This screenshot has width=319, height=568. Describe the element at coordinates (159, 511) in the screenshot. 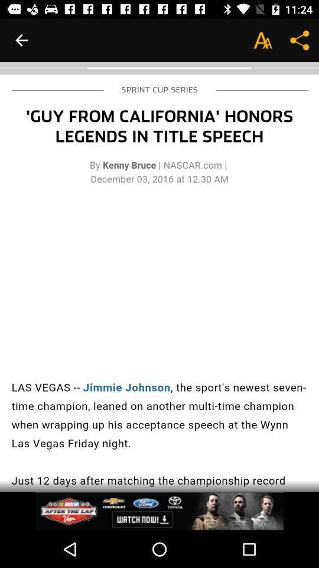

I see `advertisement` at that location.